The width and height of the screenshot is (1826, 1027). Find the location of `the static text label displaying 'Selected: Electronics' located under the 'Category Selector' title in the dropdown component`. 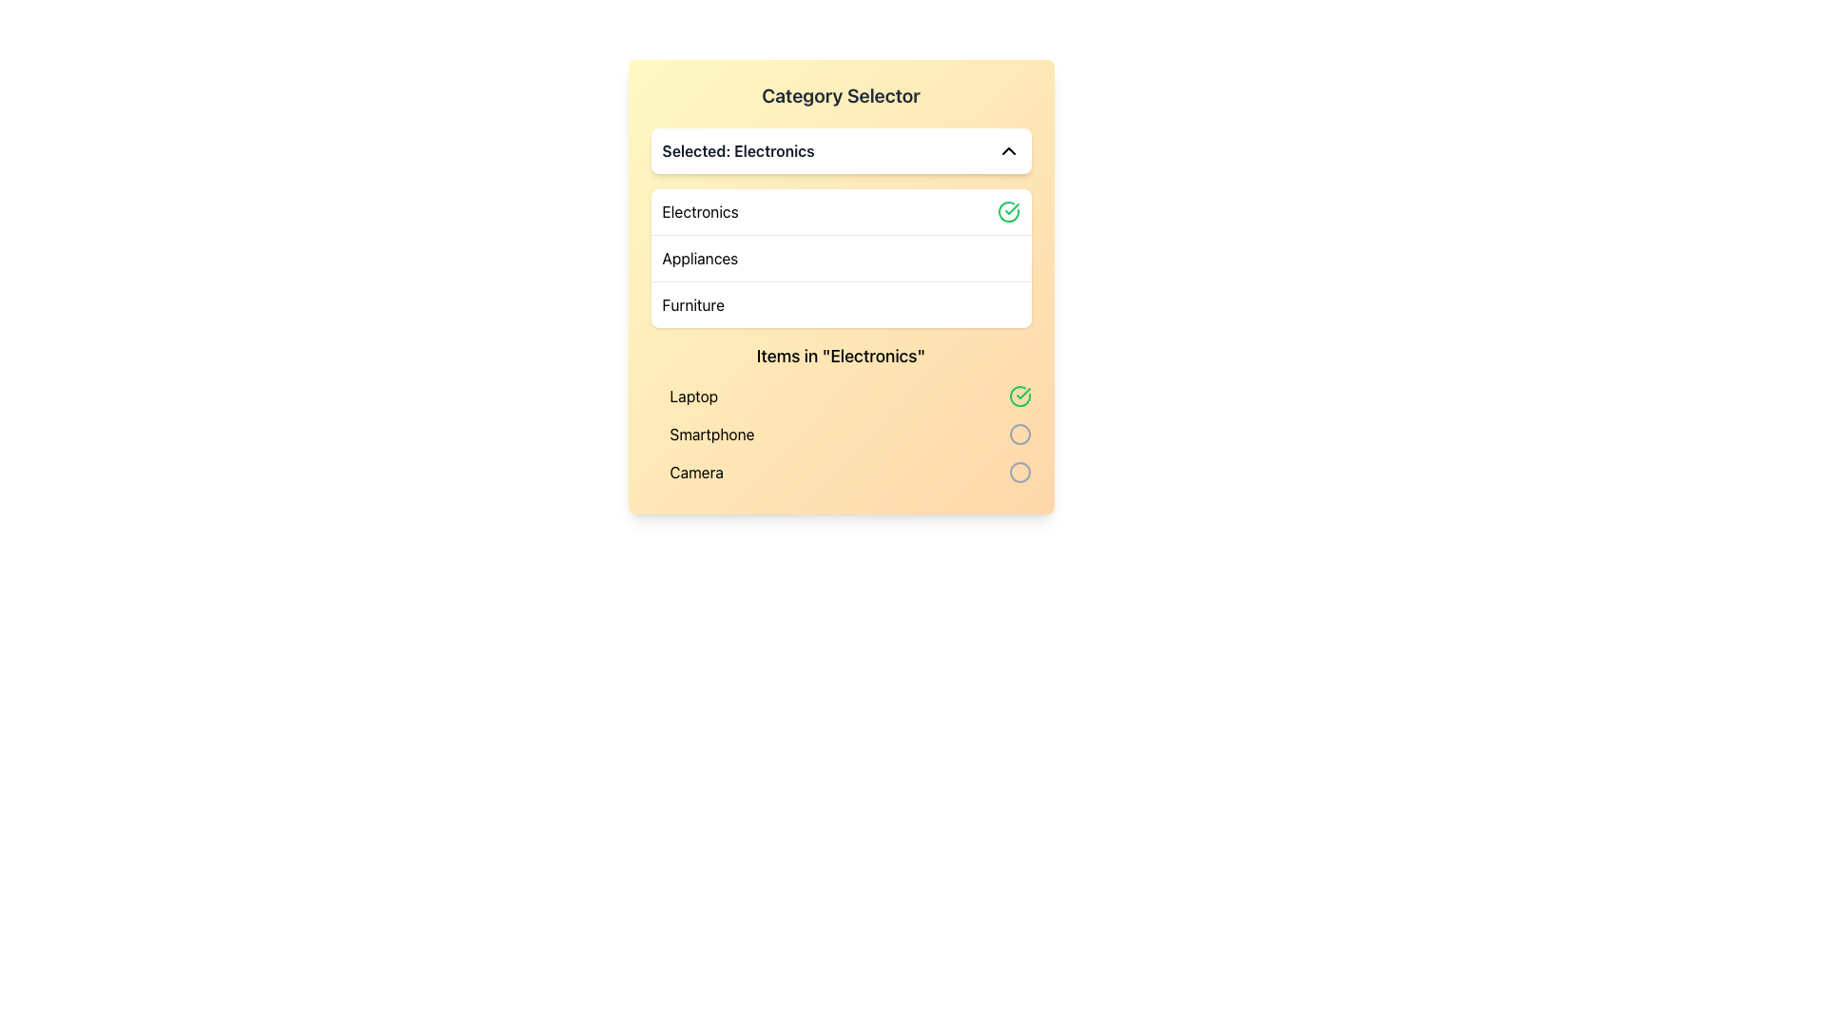

the static text label displaying 'Selected: Electronics' located under the 'Category Selector' title in the dropdown component is located at coordinates (737, 149).